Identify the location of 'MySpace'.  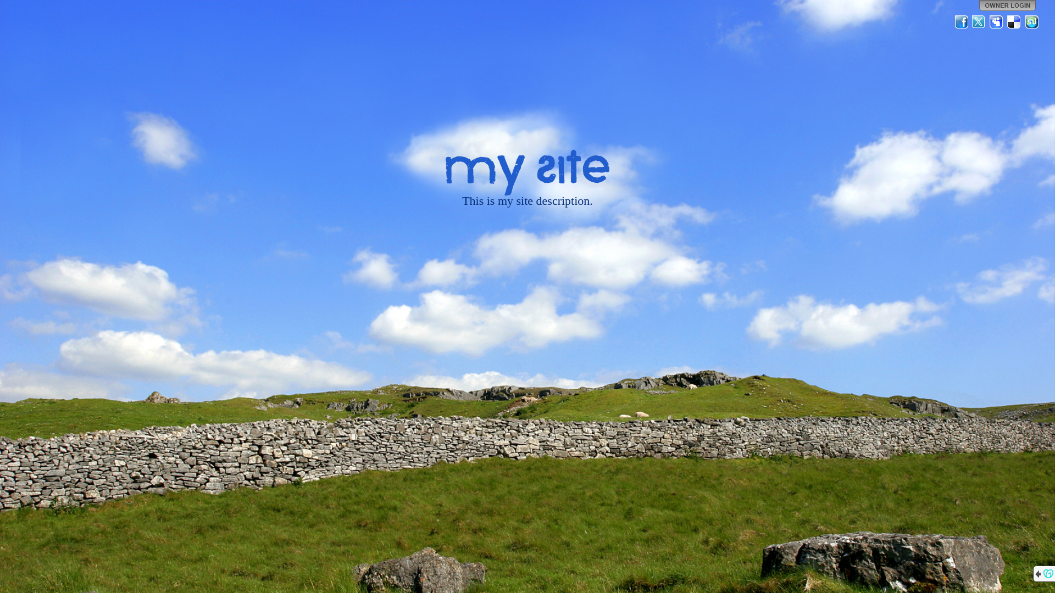
(989, 21).